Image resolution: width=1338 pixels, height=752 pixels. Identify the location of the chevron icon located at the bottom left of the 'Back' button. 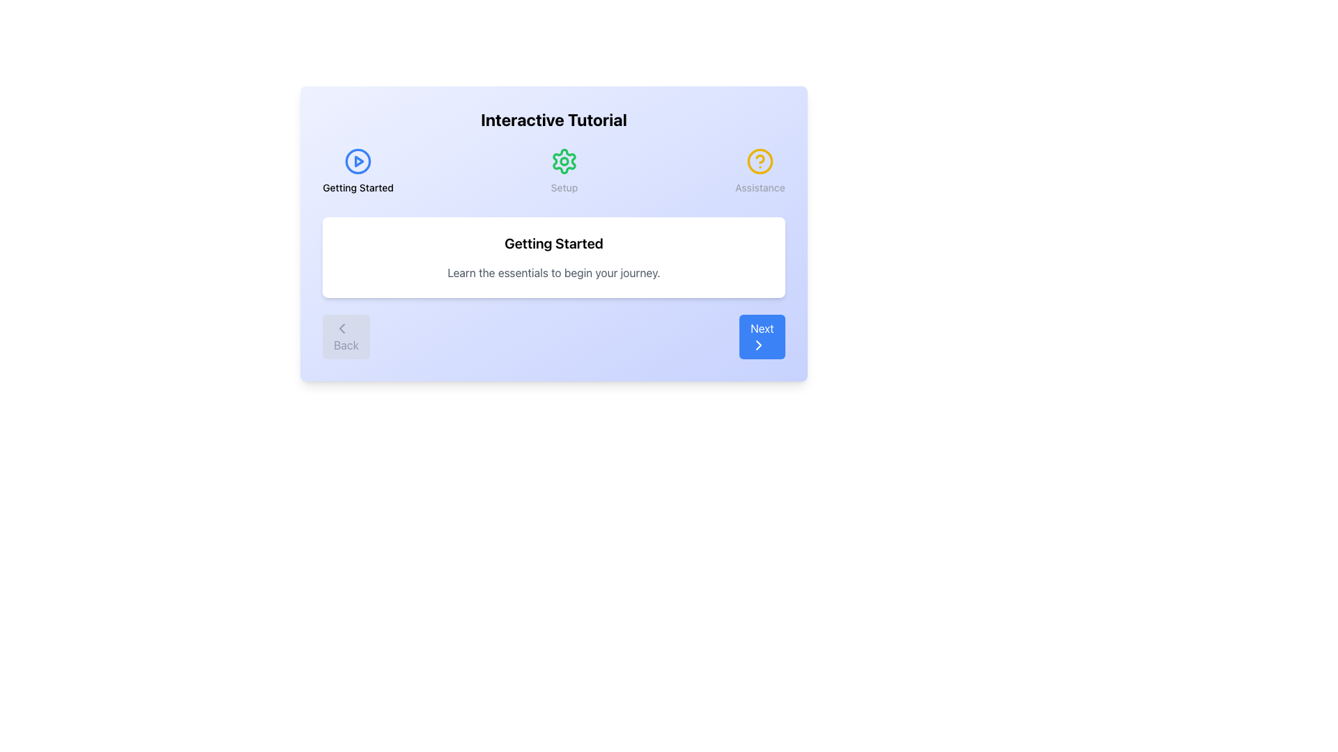
(342, 328).